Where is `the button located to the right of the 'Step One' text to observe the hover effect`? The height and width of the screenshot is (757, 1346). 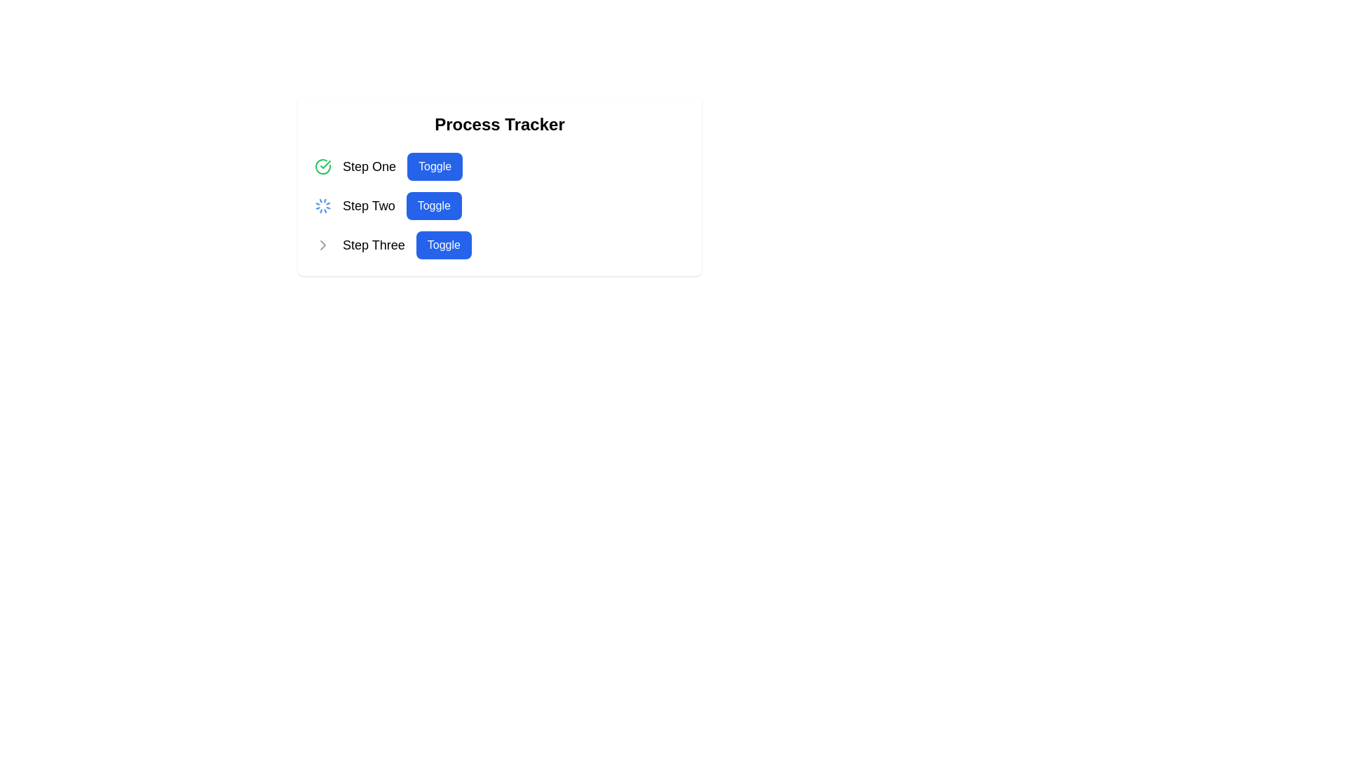
the button located to the right of the 'Step One' text to observe the hover effect is located at coordinates (434, 166).